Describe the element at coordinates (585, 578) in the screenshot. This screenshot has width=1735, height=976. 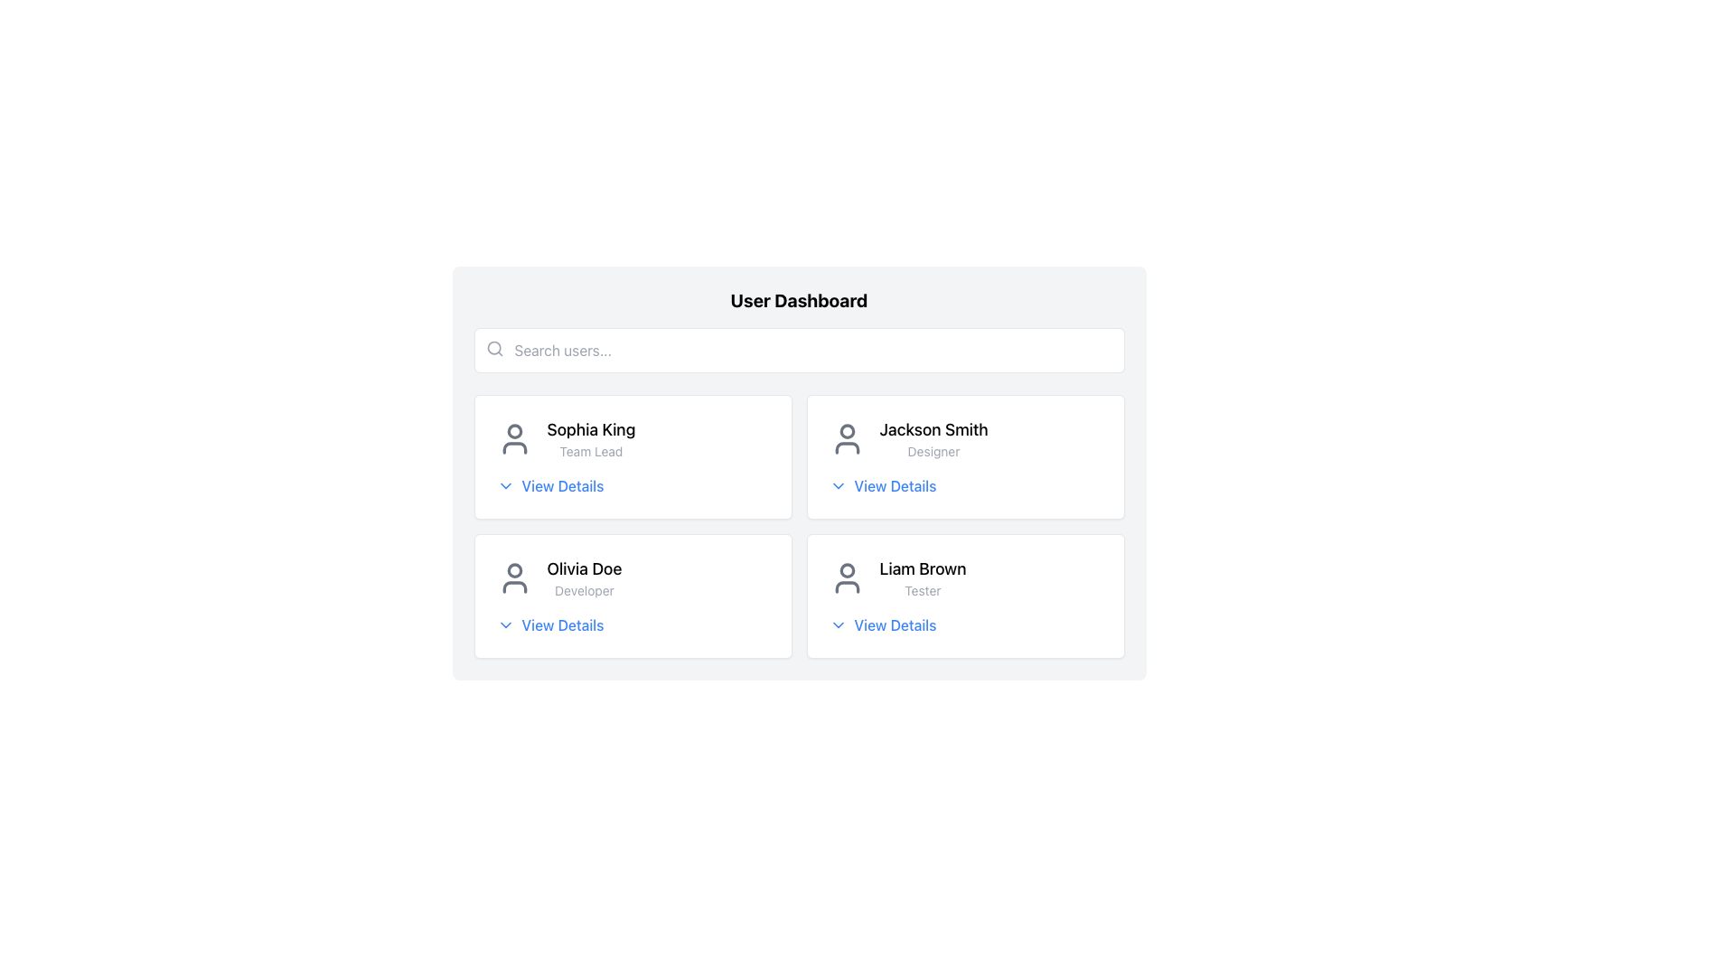
I see `the static text content displaying the user's name and title in the bottom-left card of the dashboard interface` at that location.